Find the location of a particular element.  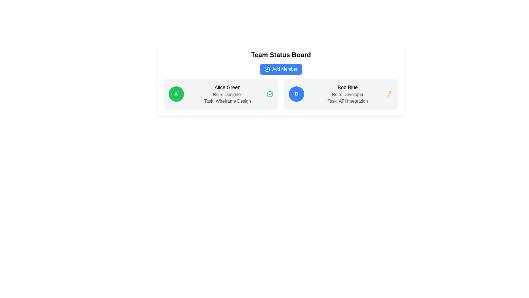

the text element that reads 'Task: API Integration', which is styled in gray and located under the user 'Bob Blue' and above the user's role 'Developer' is located at coordinates (347, 101).